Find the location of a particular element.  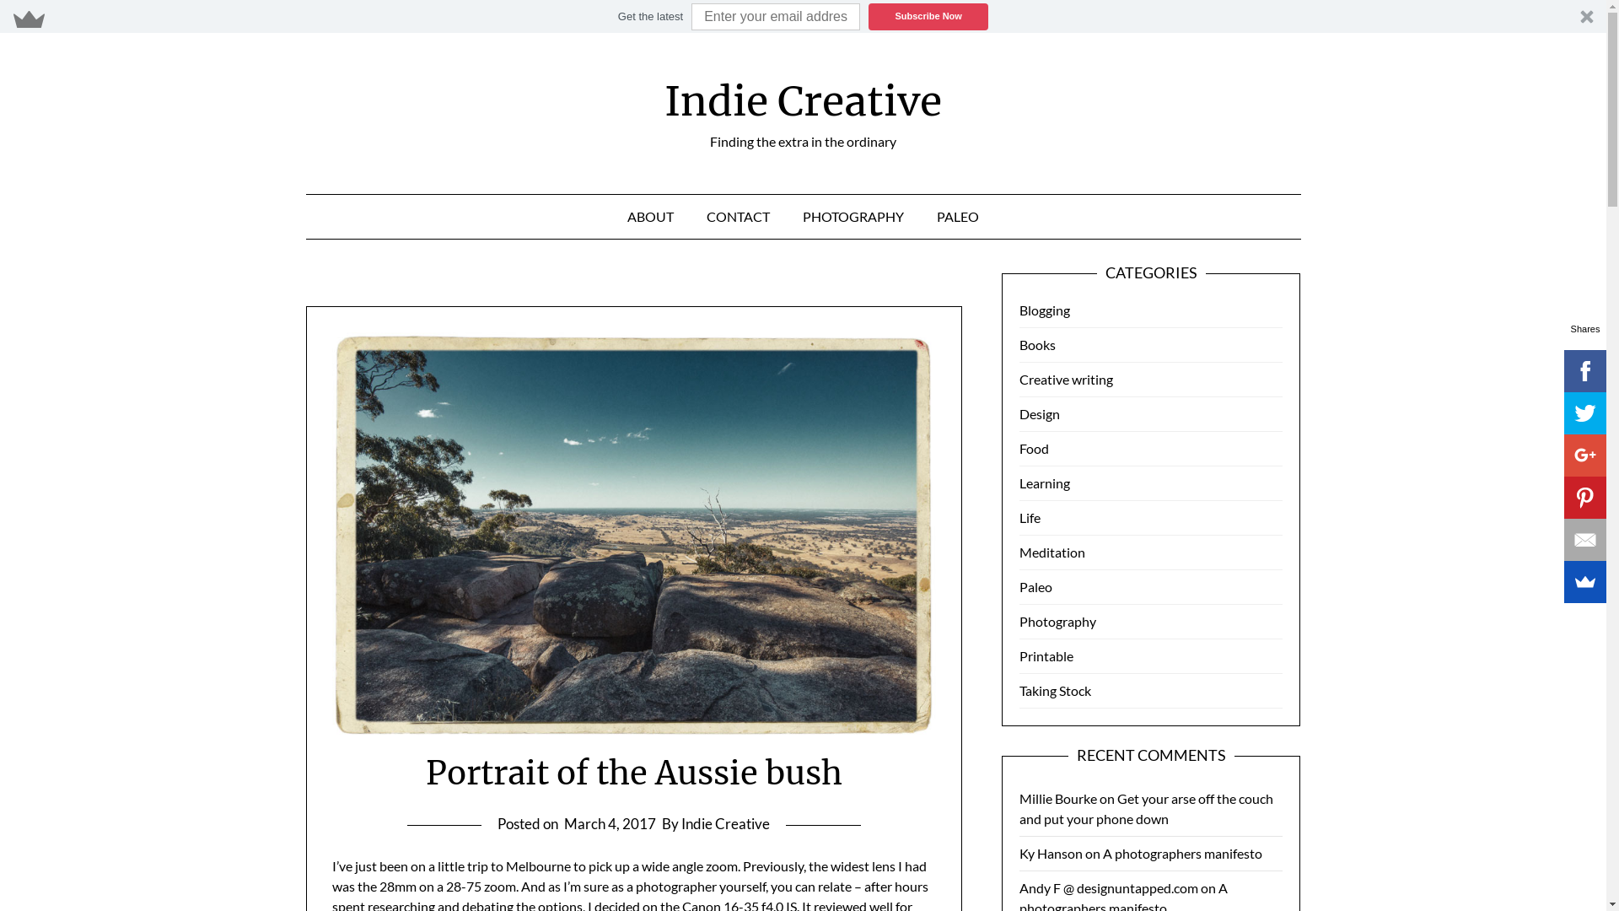

'Google+' is located at coordinates (1584, 455).